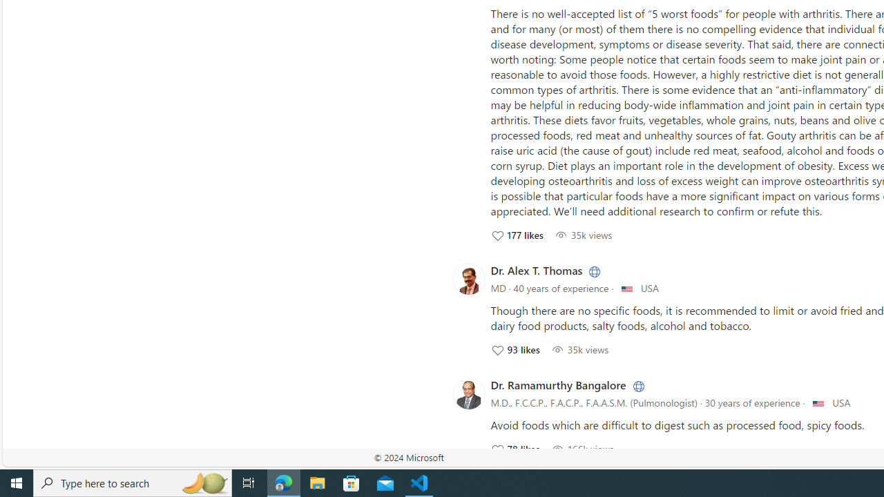 This screenshot has height=497, width=884. Describe the element at coordinates (582, 449) in the screenshot. I see `'166504 View; Click to View'` at that location.